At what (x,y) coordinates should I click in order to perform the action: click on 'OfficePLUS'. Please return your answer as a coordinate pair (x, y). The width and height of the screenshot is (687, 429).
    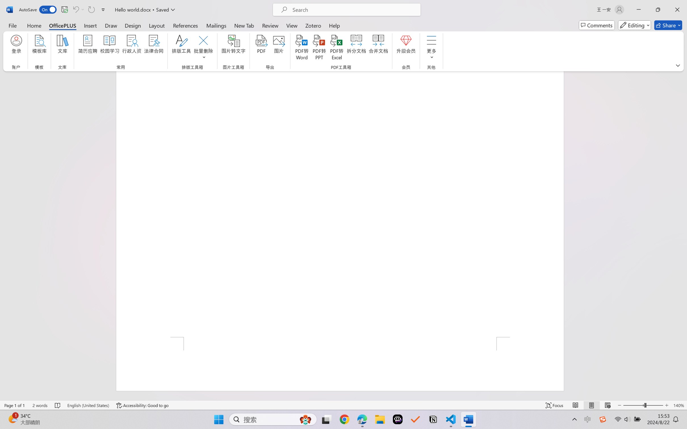
    Looking at the image, I should click on (62, 25).